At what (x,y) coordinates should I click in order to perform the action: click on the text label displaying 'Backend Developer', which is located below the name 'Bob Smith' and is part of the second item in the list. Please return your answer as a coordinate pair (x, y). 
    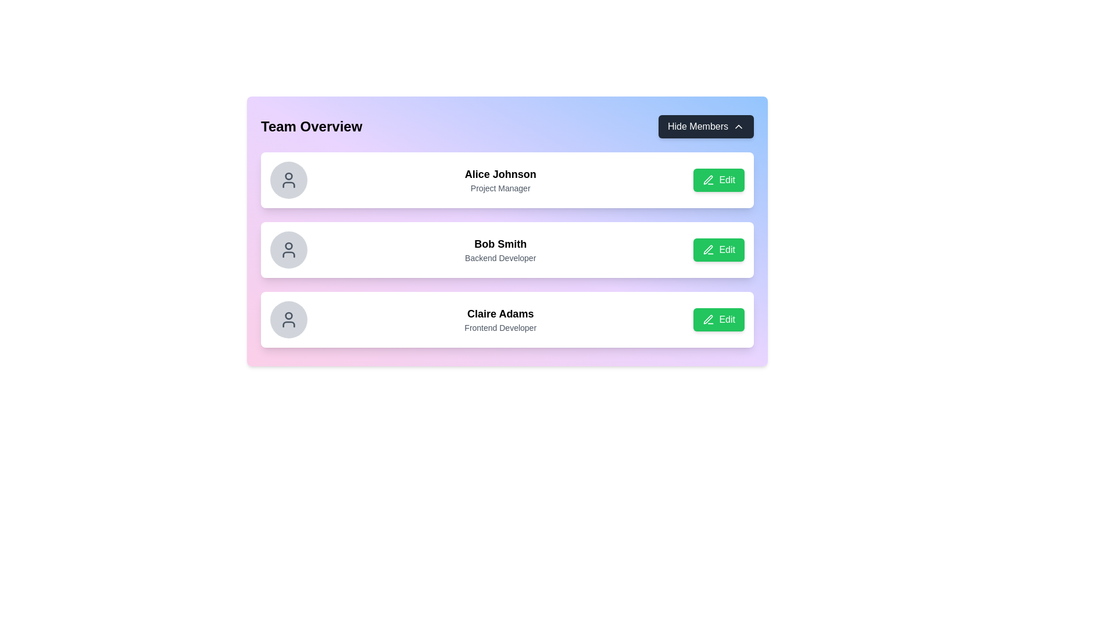
    Looking at the image, I should click on (500, 257).